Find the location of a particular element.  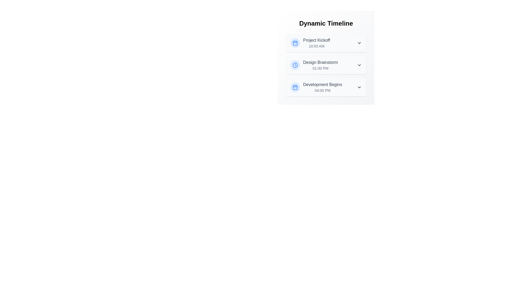

the text label element displaying '04:00 PM' located below the bold header 'Development Begins' within the timeline section is located at coordinates (322, 90).